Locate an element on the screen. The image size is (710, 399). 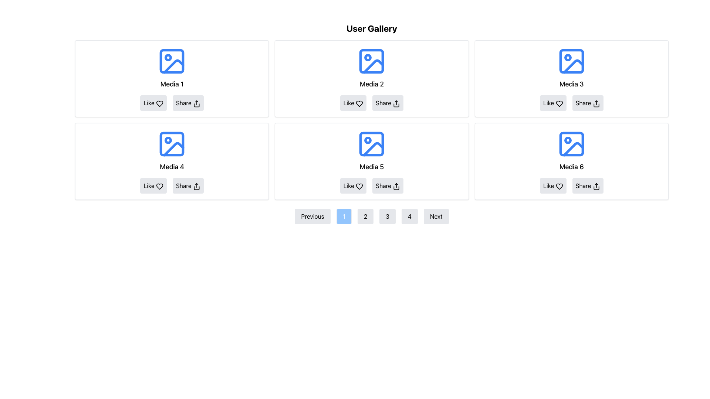
the 'like' button located directly below the image labeled 'Media 3' in the third column of the top row, which is the leftmost button among the two buttons aligned under 'Media 3' is located at coordinates (553, 103).